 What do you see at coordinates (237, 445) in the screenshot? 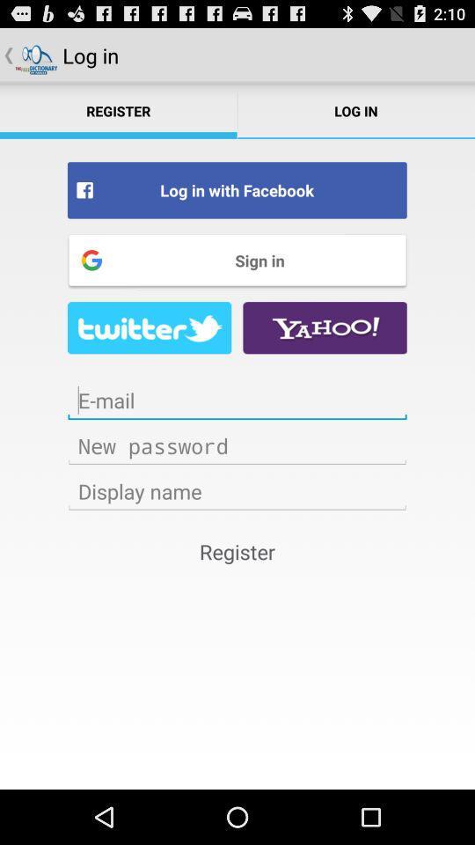
I see `the password` at bounding box center [237, 445].